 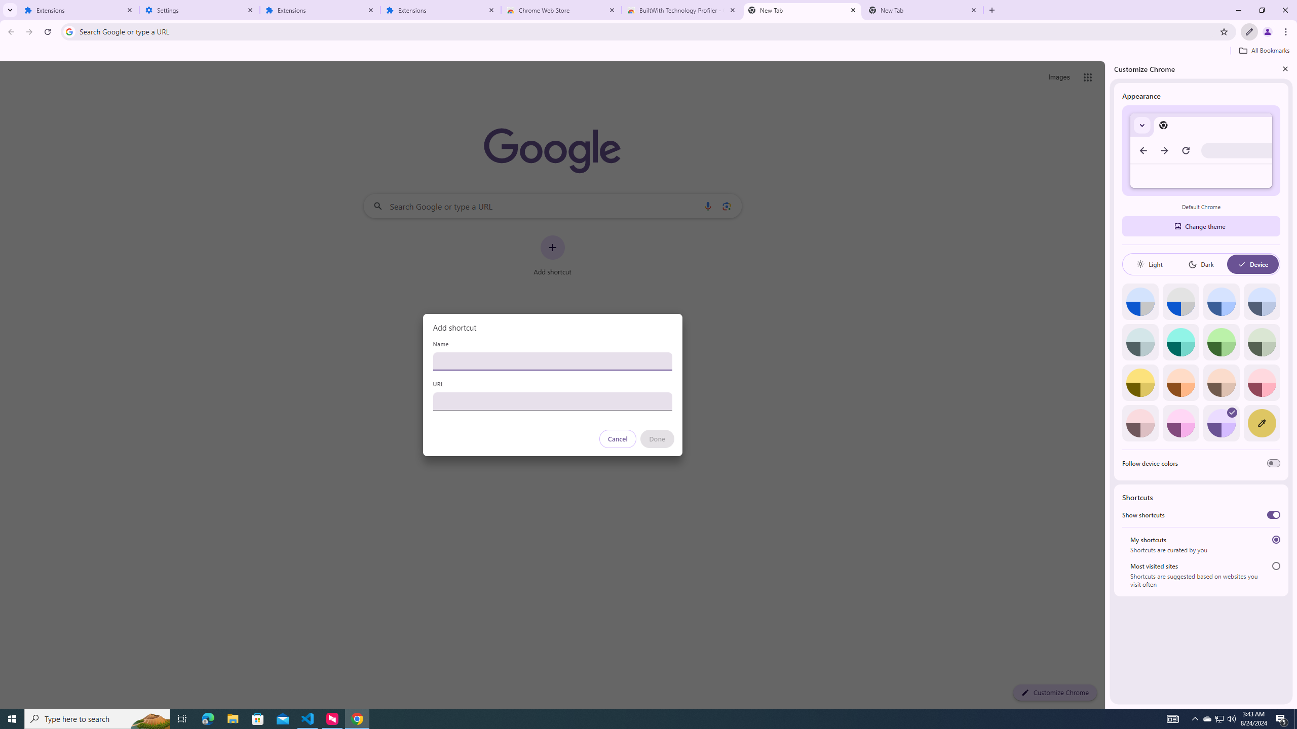 I want to click on 'Extensions', so click(x=79, y=10).